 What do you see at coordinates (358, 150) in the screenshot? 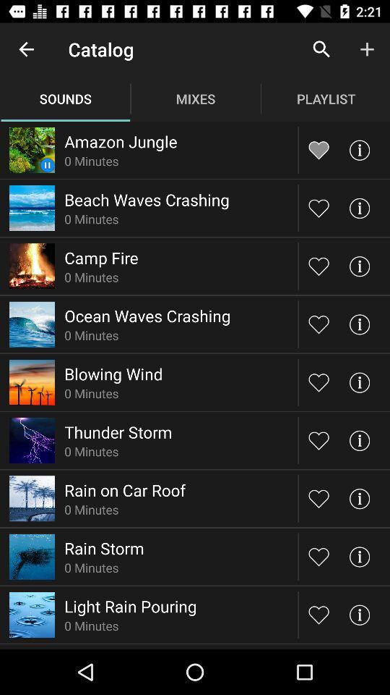
I see `check information` at bounding box center [358, 150].